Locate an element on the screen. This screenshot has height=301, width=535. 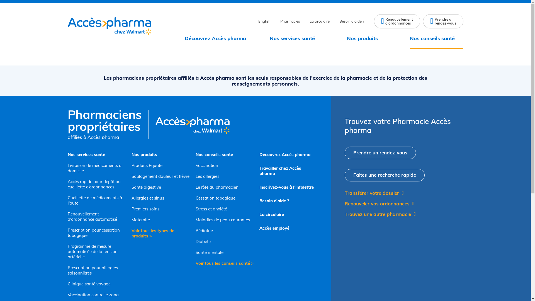
'La circulaire' is located at coordinates (320, 21).